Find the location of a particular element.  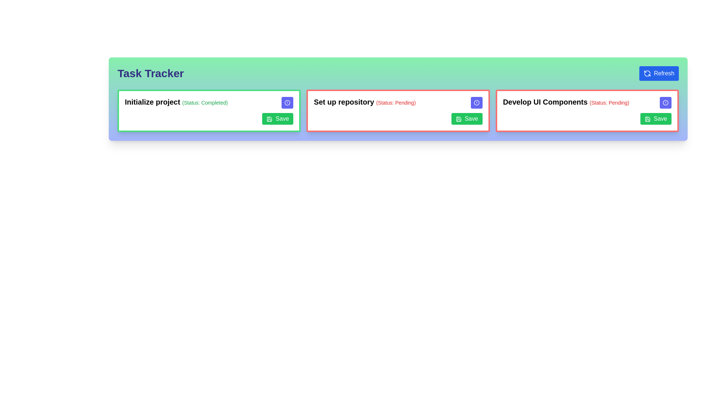

task information displayed on the card labeled 'Initialize project (Status: Completed)' which is positioned at the leftmost in a grid layout is located at coordinates (209, 111).